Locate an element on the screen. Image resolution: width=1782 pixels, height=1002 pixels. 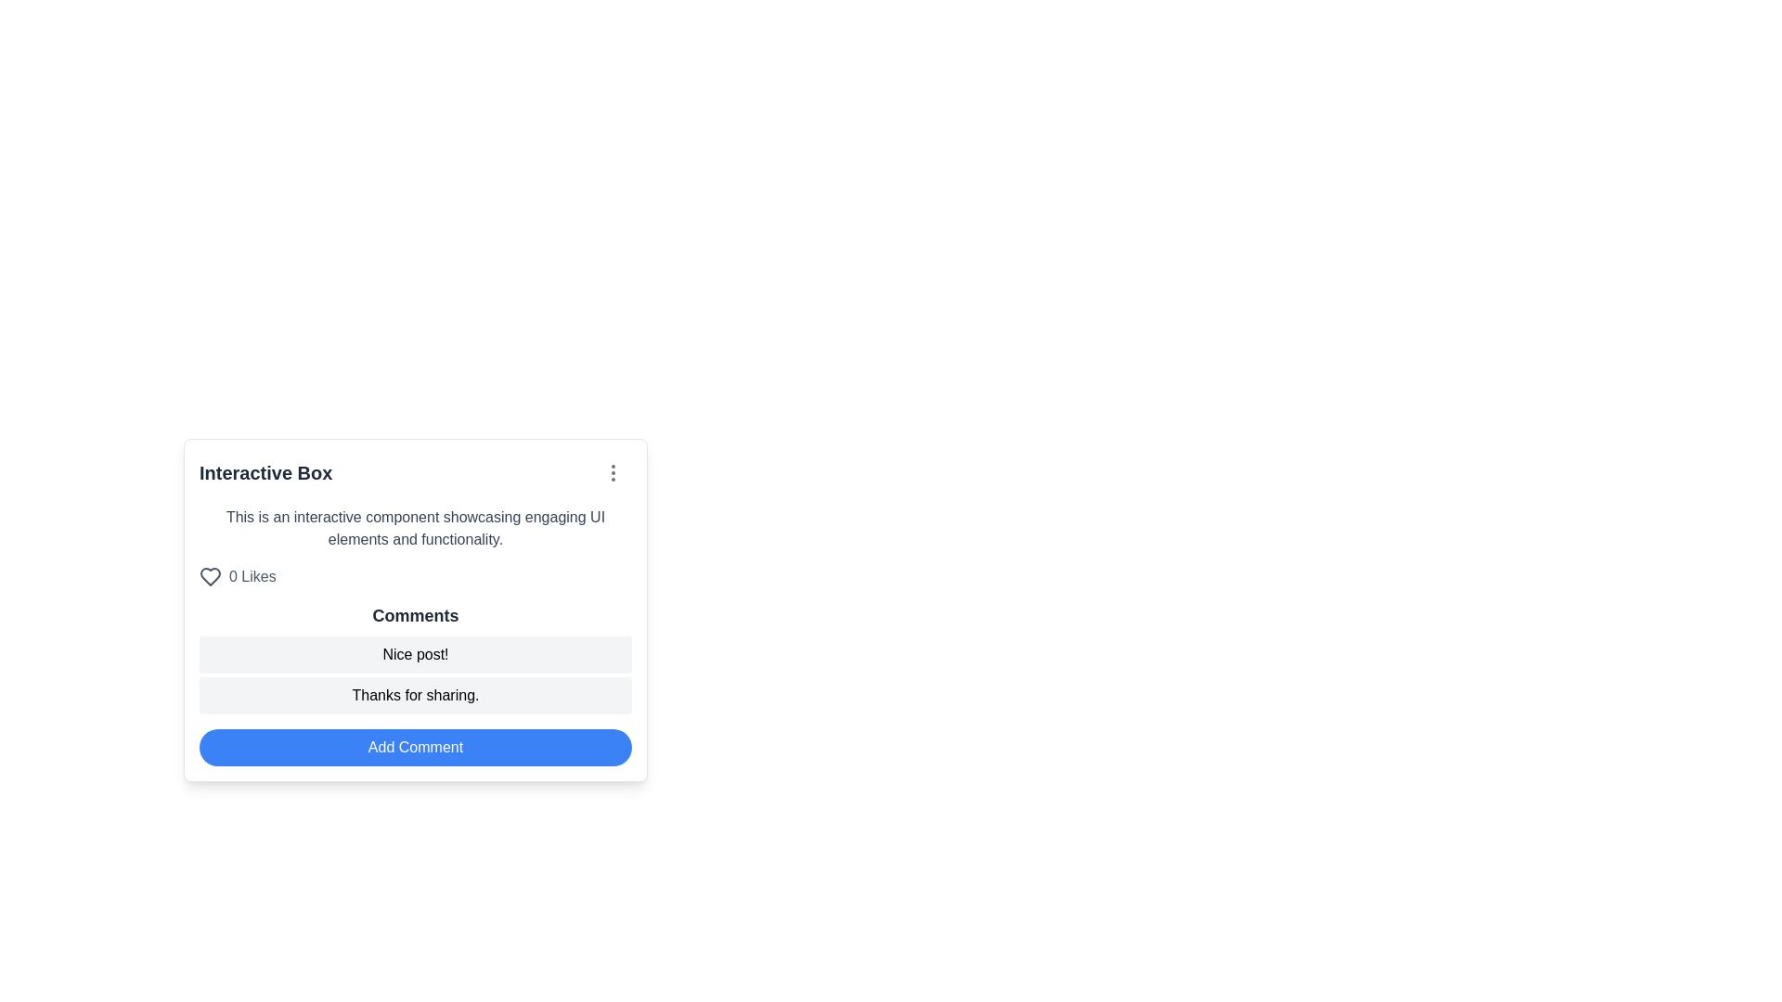
the Text Label that serves as a title or header for the comments section, located between the 'Likes' section and the list of comments is located at coordinates (414, 615).